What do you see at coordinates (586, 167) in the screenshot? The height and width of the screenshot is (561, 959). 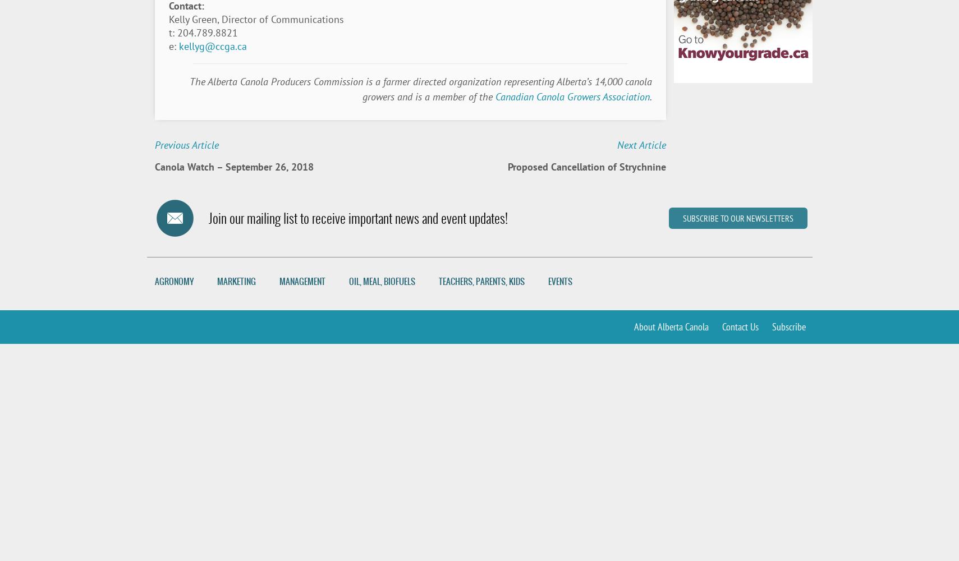 I see `'Proposed Cancellation of Strychnine'` at bounding box center [586, 167].